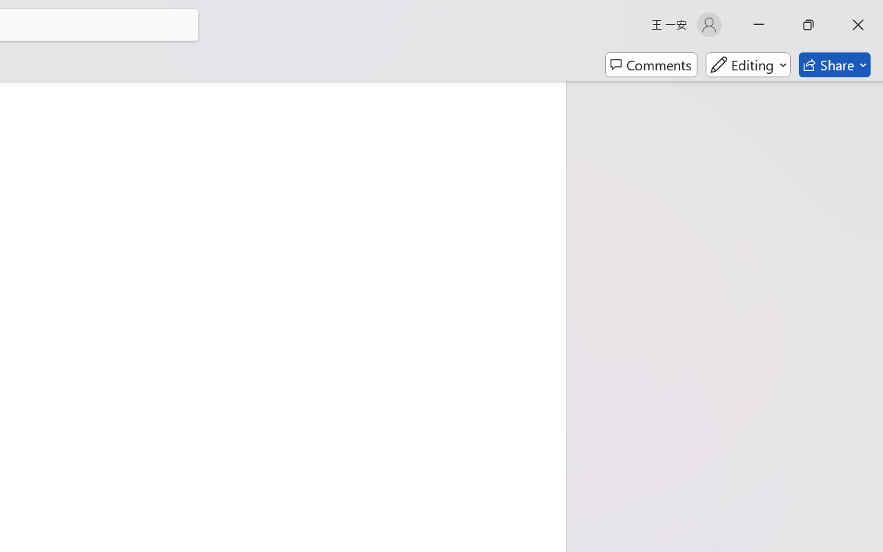 The image size is (883, 552). Describe the element at coordinates (651, 65) in the screenshot. I see `'Comments'` at that location.